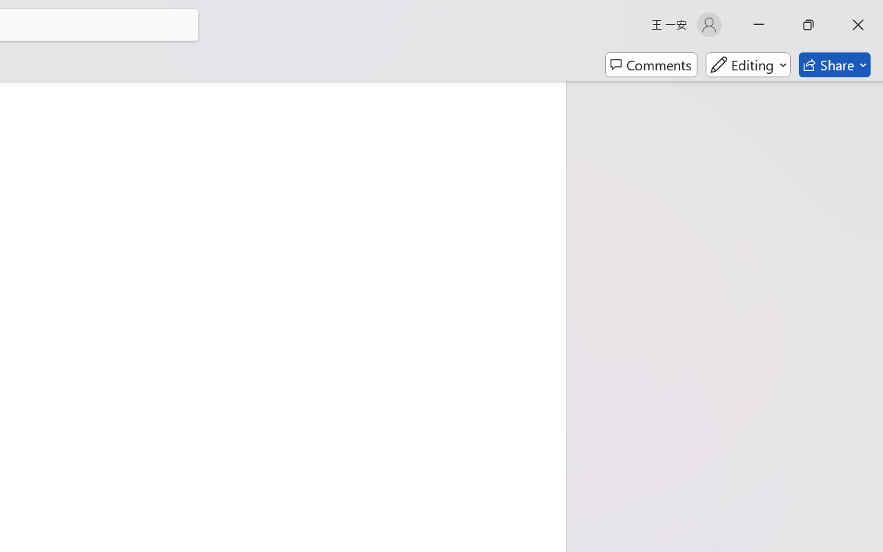 The image size is (883, 552). Describe the element at coordinates (651, 65) in the screenshot. I see `'Comments'` at that location.